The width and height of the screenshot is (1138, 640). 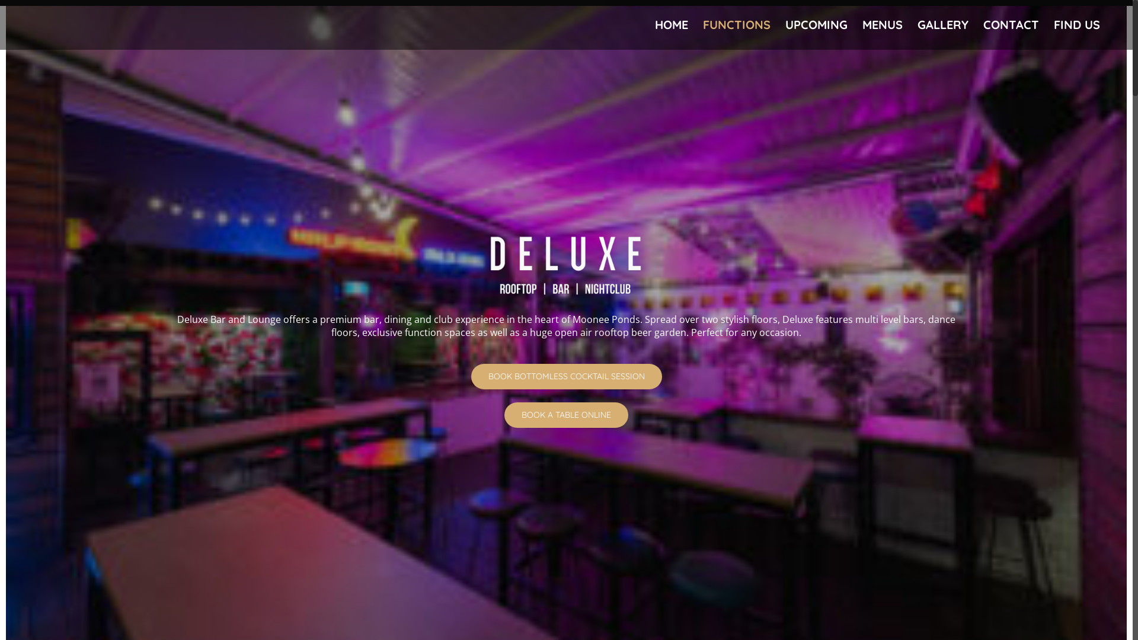 What do you see at coordinates (1053, 25) in the screenshot?
I see `'FIND US'` at bounding box center [1053, 25].